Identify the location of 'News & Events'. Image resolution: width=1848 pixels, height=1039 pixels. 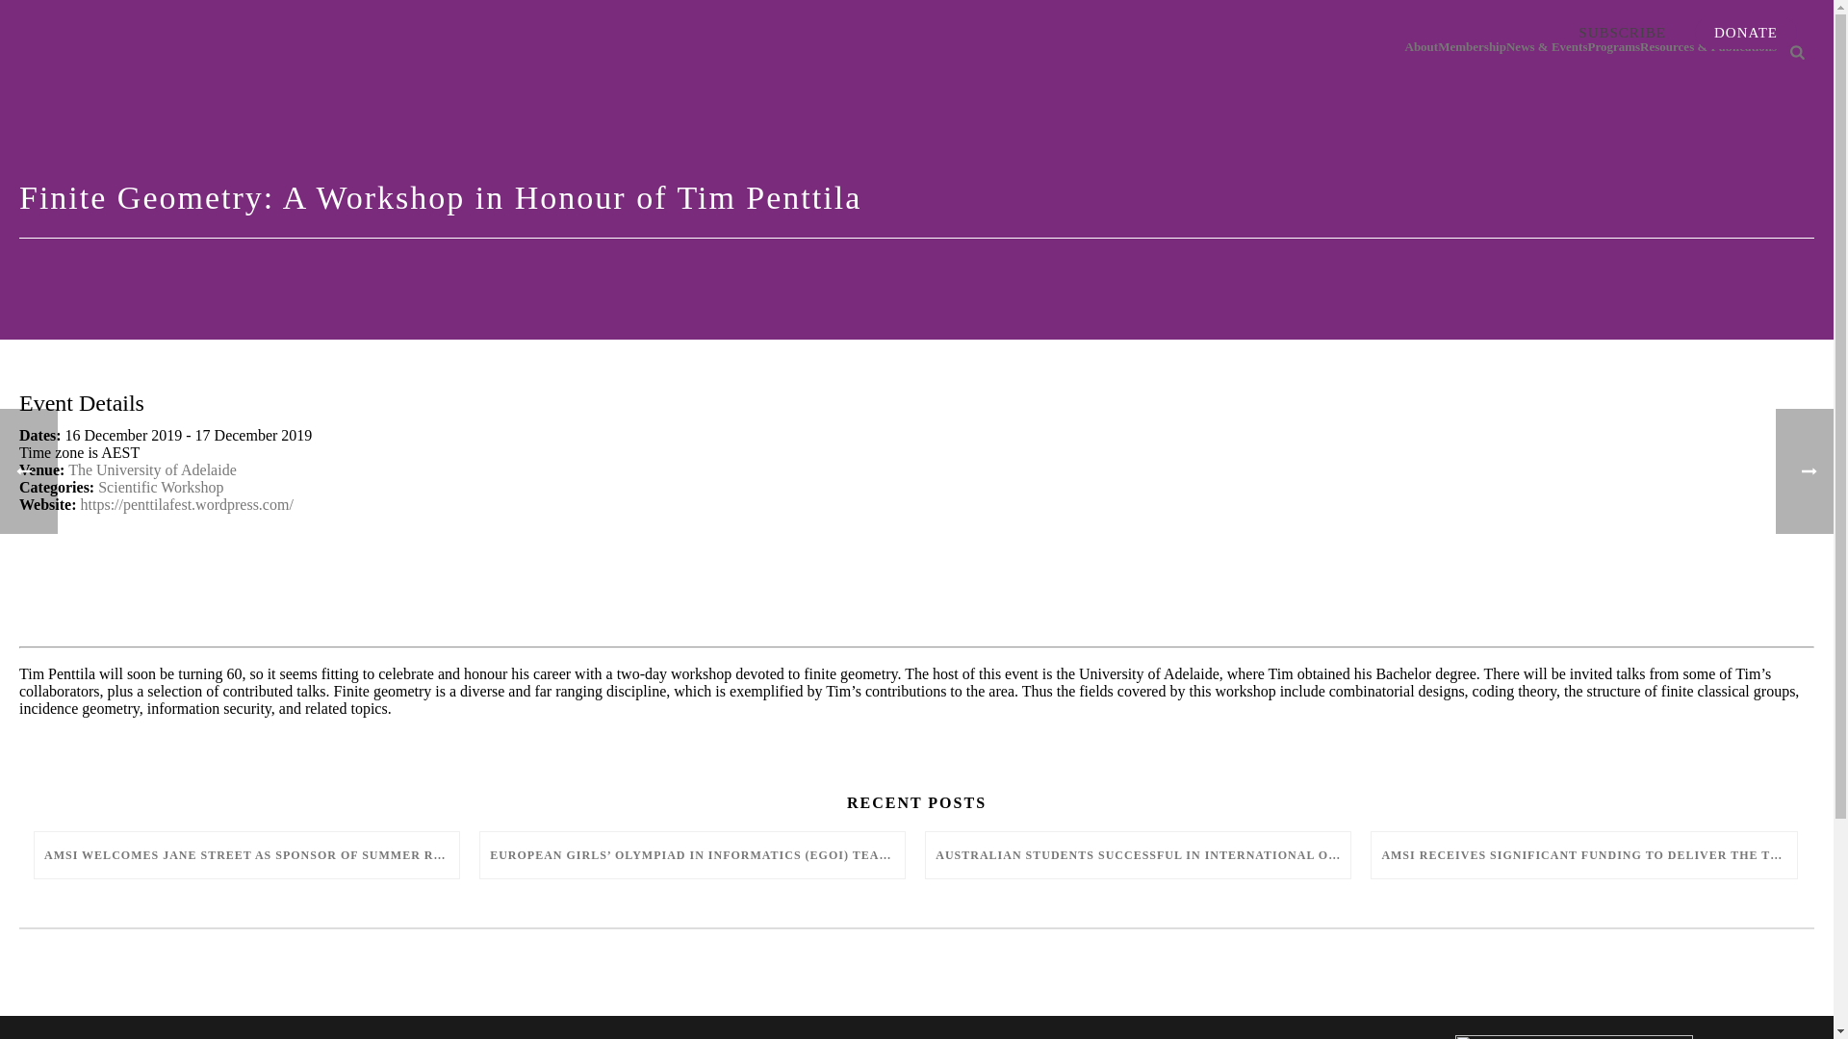
(1504, 47).